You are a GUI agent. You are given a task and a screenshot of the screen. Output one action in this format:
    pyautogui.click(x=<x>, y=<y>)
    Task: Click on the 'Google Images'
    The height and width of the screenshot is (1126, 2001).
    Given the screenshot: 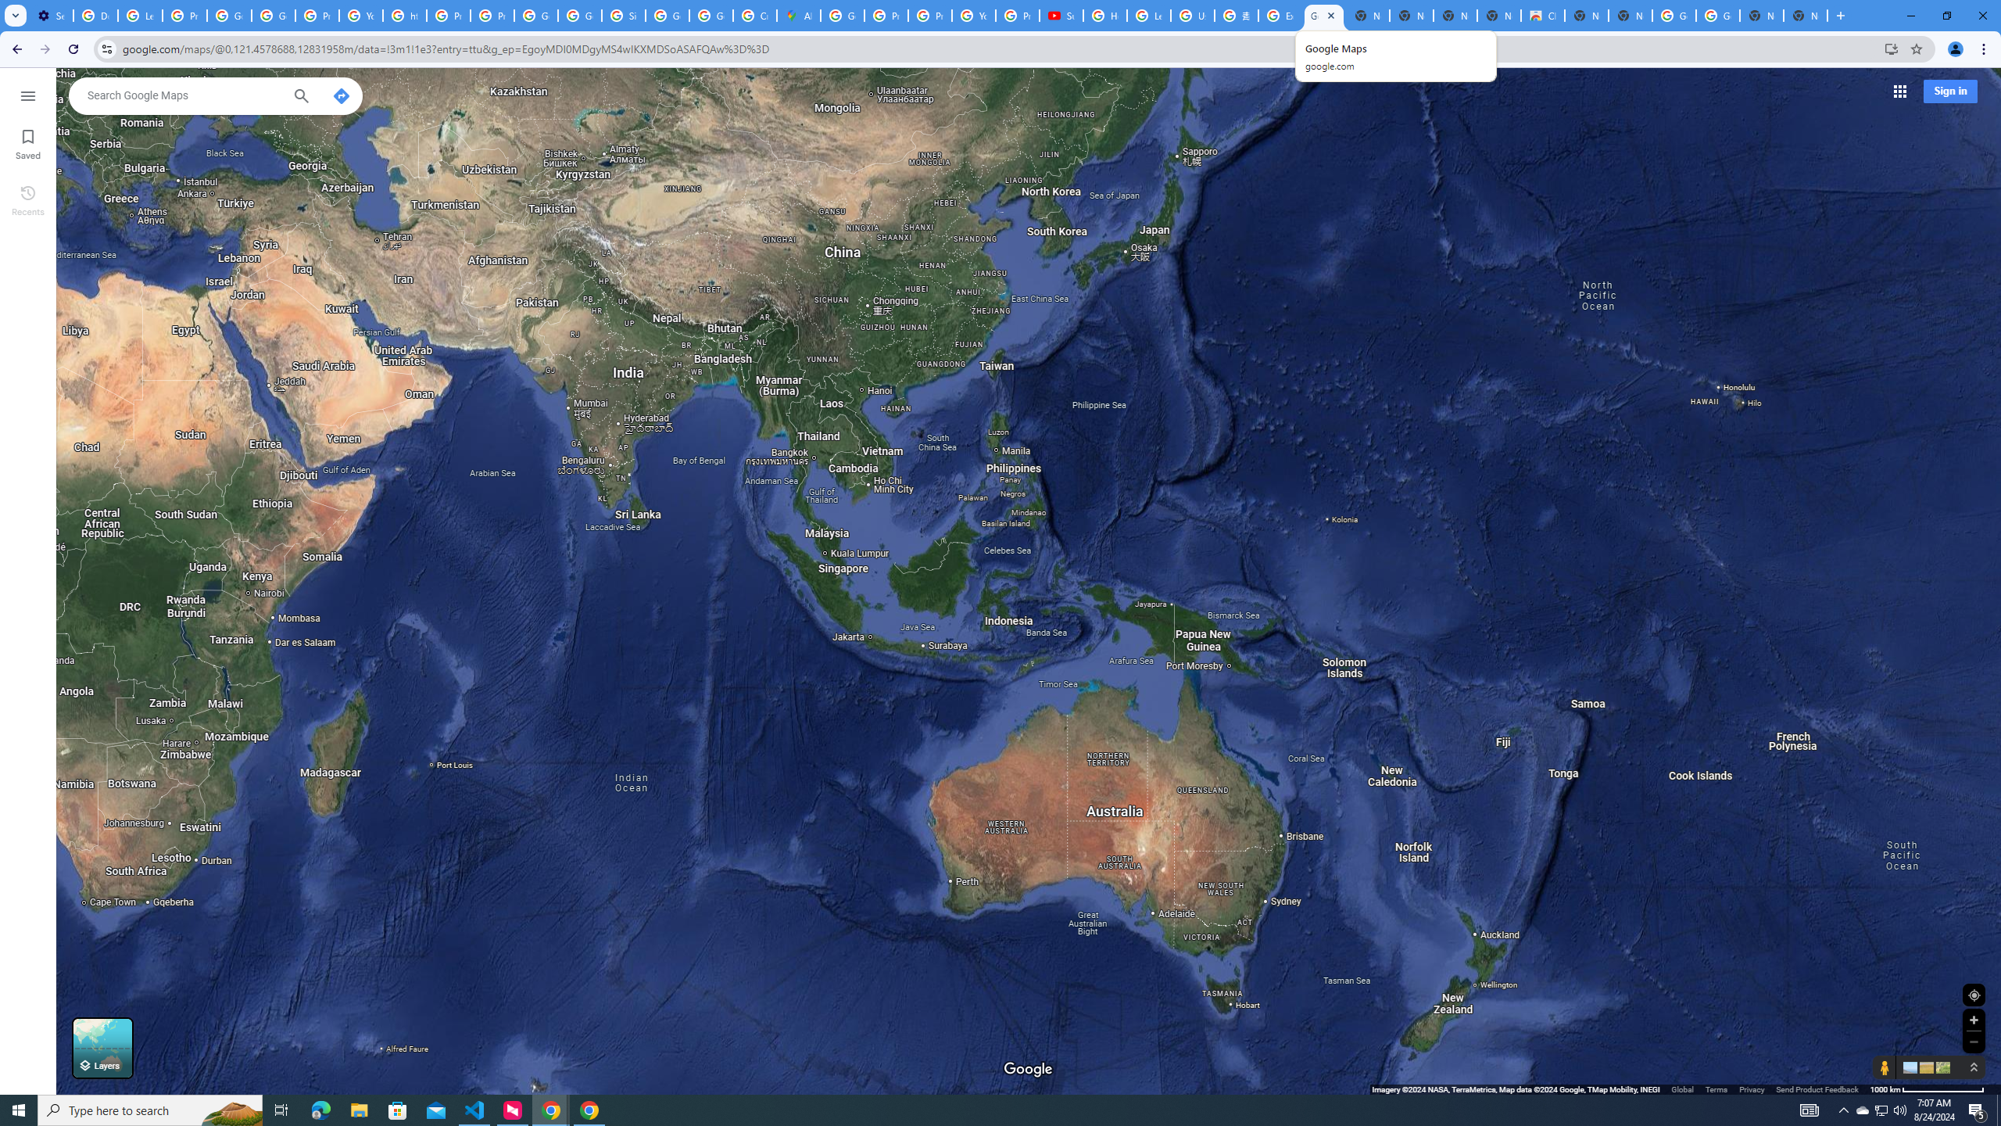 What is the action you would take?
    pyautogui.click(x=1673, y=15)
    